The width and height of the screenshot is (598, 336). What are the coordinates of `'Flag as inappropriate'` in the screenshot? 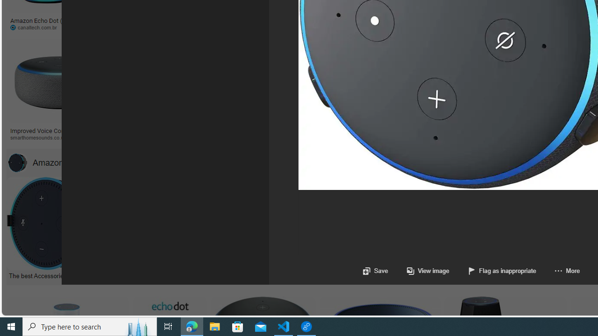 It's located at (501, 271).